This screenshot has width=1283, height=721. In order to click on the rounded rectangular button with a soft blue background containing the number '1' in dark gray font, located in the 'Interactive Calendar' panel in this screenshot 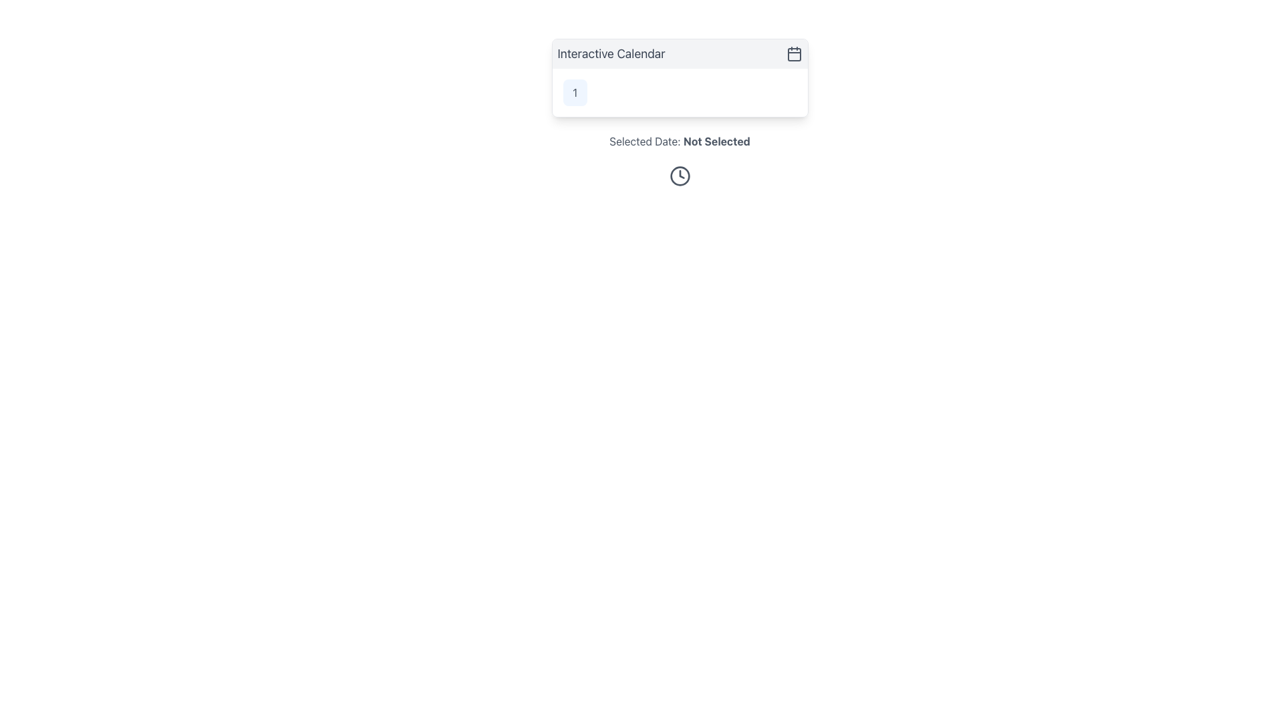, I will do `click(575, 91)`.